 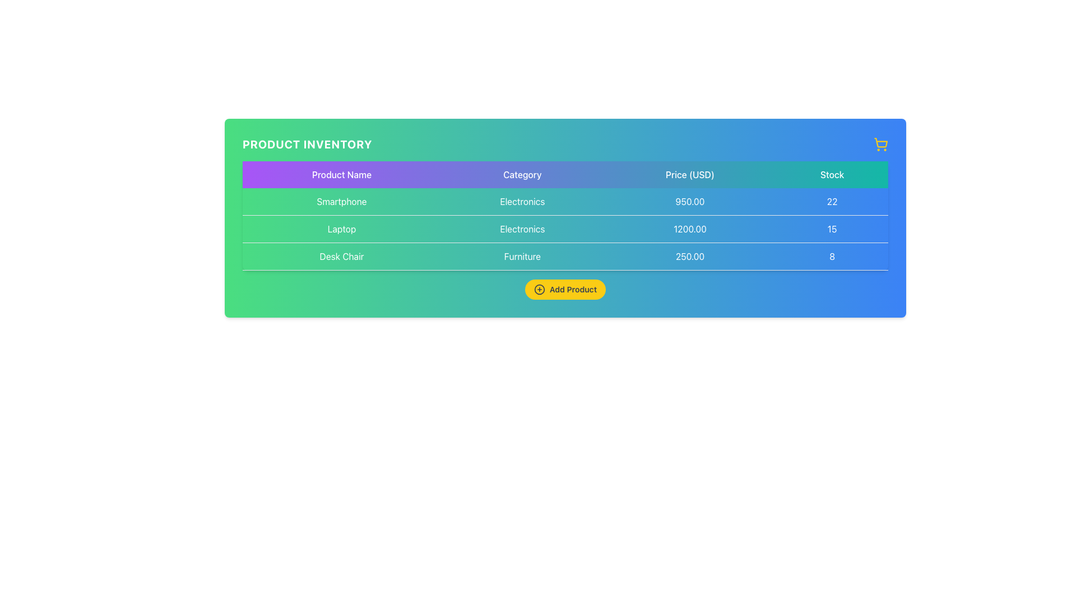 I want to click on the text label 'Category' which is styled in white on a gradient background and is part of the header row of a table, positioned between 'Product Name' and 'Price (USD).', so click(x=522, y=175).